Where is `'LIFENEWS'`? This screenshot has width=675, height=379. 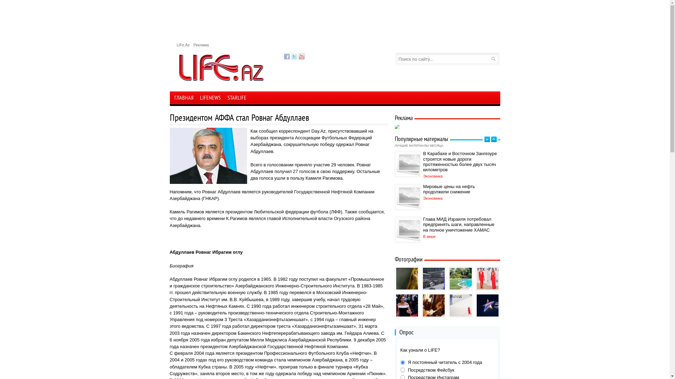 'LIFENEWS' is located at coordinates (210, 99).